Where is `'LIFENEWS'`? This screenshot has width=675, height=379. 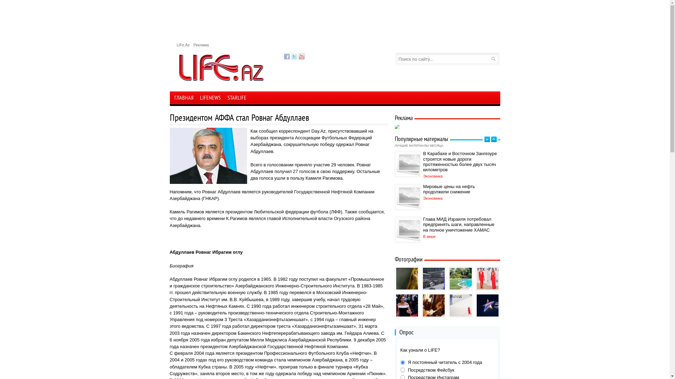 'LIFENEWS' is located at coordinates (210, 99).